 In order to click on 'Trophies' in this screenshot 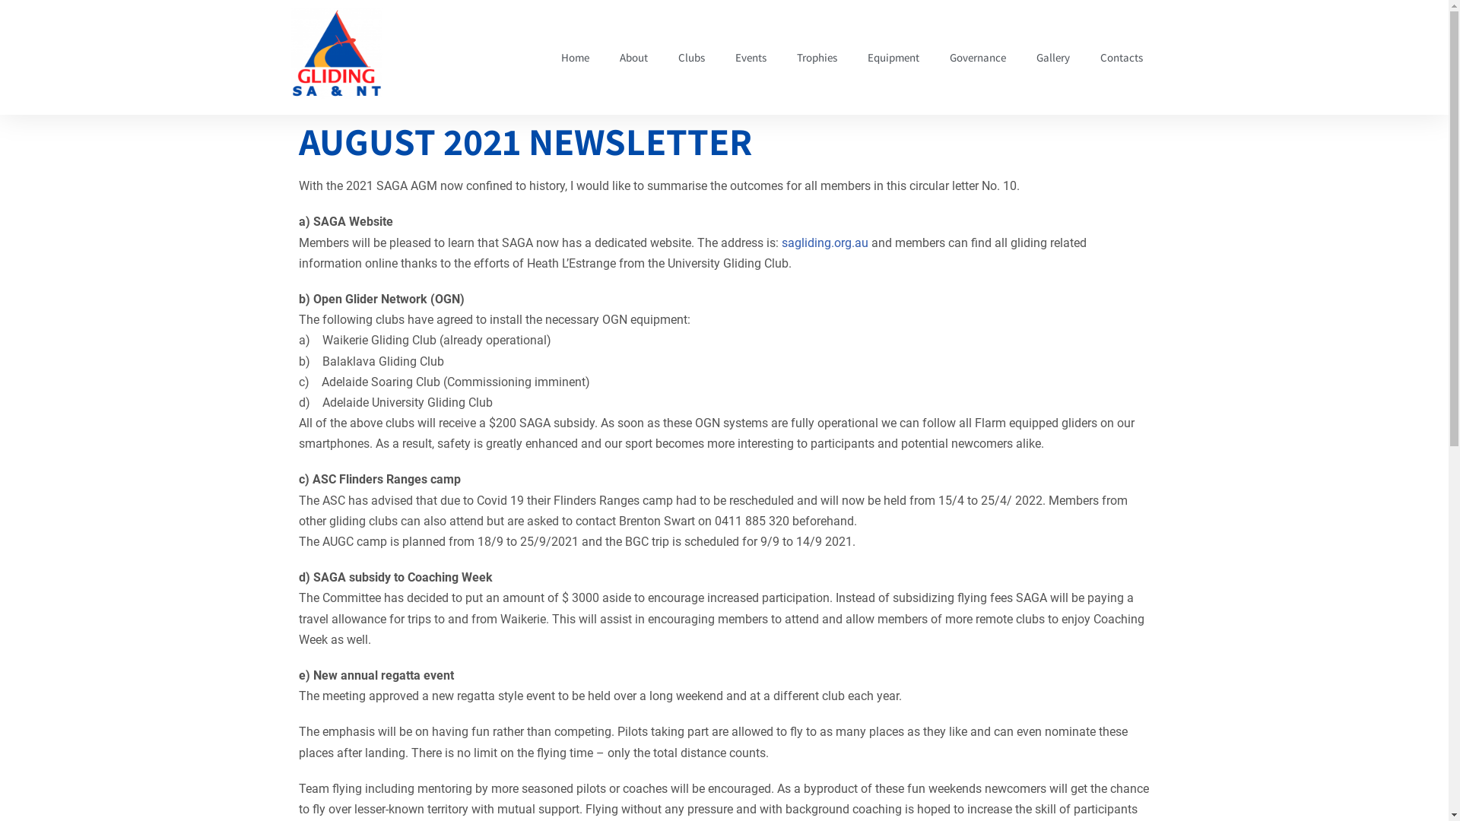, I will do `click(816, 57)`.